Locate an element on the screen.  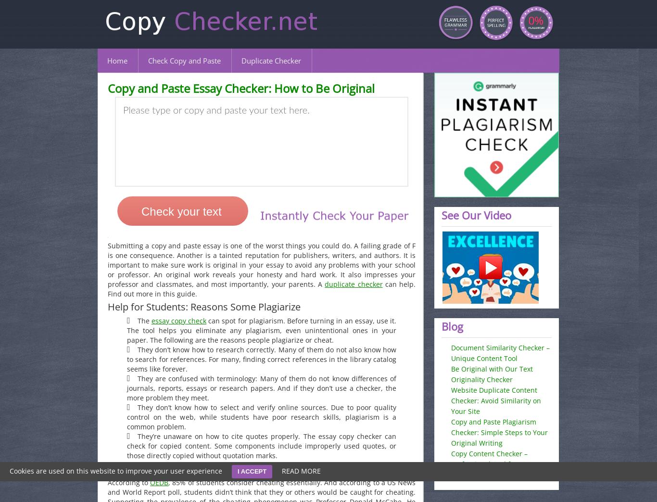
'I ACCEPT' is located at coordinates (252, 471).